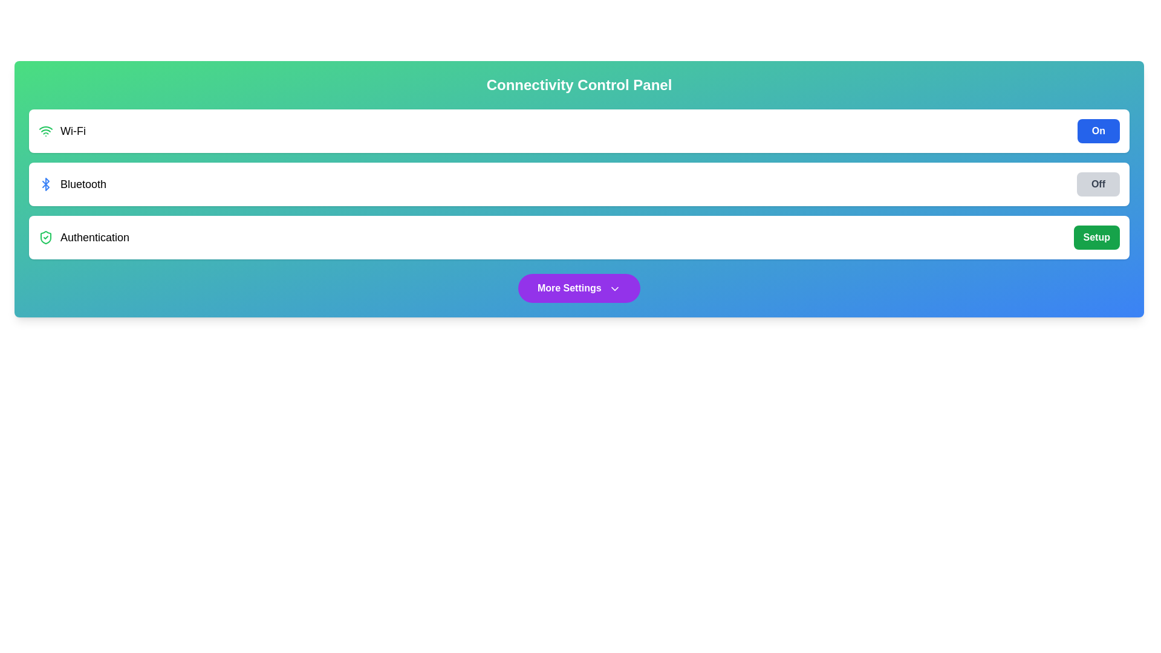 This screenshot has height=653, width=1161. Describe the element at coordinates (83, 238) in the screenshot. I see `the 'Authentication' label with the green shield icon for accessibility navigation` at that location.